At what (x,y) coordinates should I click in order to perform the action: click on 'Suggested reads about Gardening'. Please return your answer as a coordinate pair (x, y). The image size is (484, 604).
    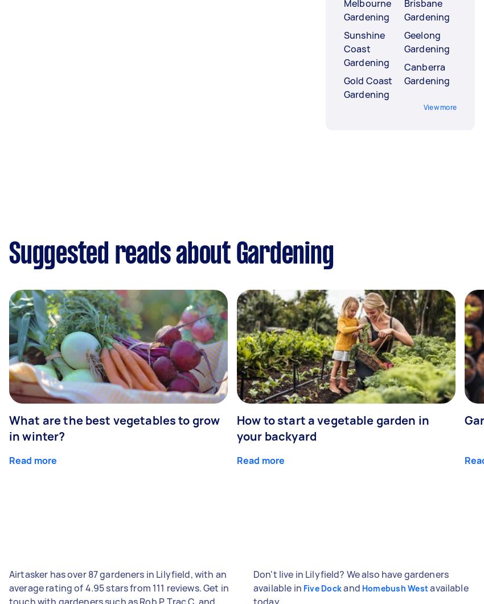
    Looking at the image, I should click on (171, 256).